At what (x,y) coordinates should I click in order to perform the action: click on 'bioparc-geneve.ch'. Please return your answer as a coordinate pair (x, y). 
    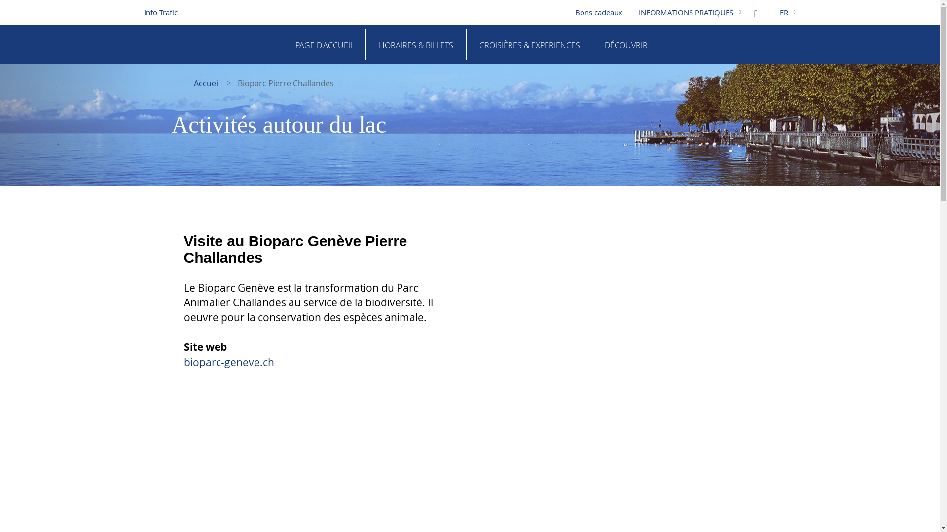
    Looking at the image, I should click on (228, 362).